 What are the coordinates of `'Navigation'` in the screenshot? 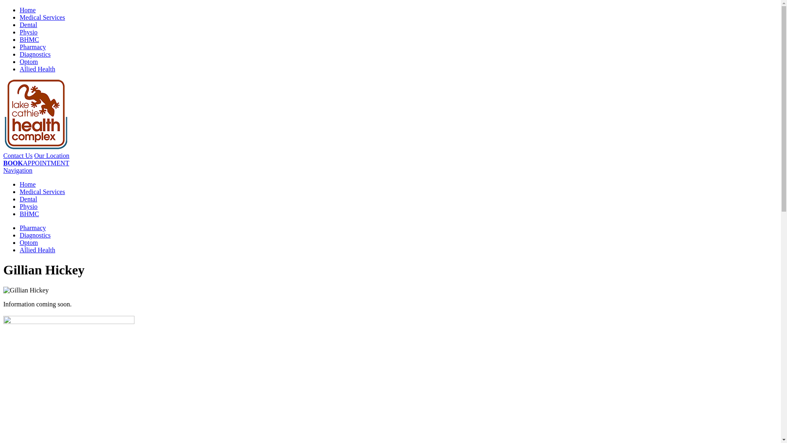 It's located at (18, 170).